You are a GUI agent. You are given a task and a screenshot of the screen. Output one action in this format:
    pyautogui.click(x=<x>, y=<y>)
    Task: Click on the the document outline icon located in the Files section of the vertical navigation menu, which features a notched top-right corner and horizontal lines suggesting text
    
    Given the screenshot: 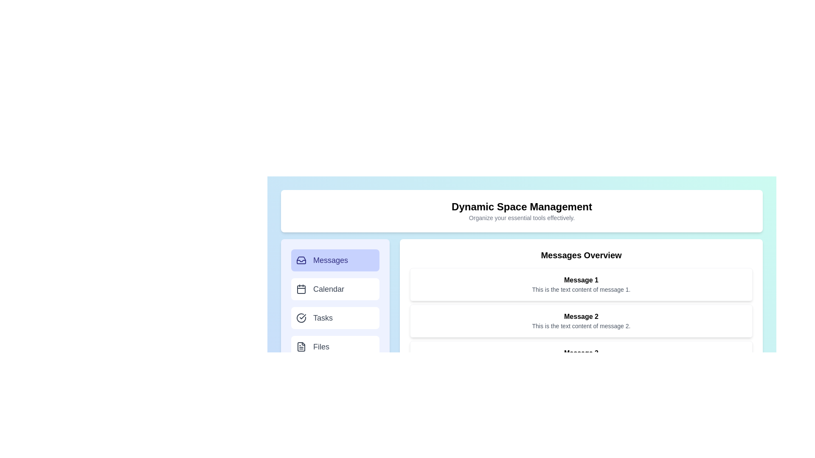 What is the action you would take?
    pyautogui.click(x=301, y=346)
    